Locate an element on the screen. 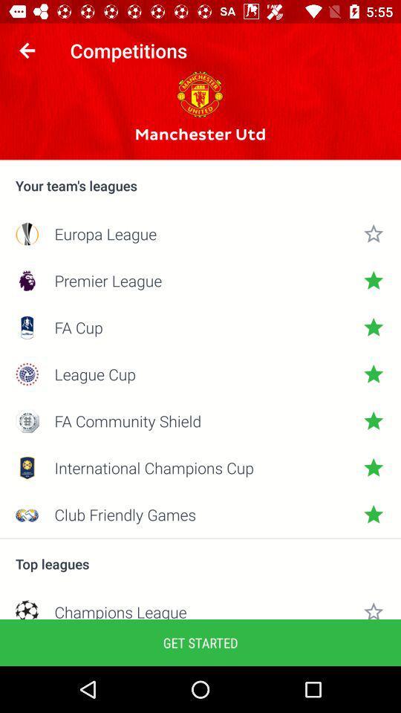 The image size is (401, 713). europa league is located at coordinates (200, 233).